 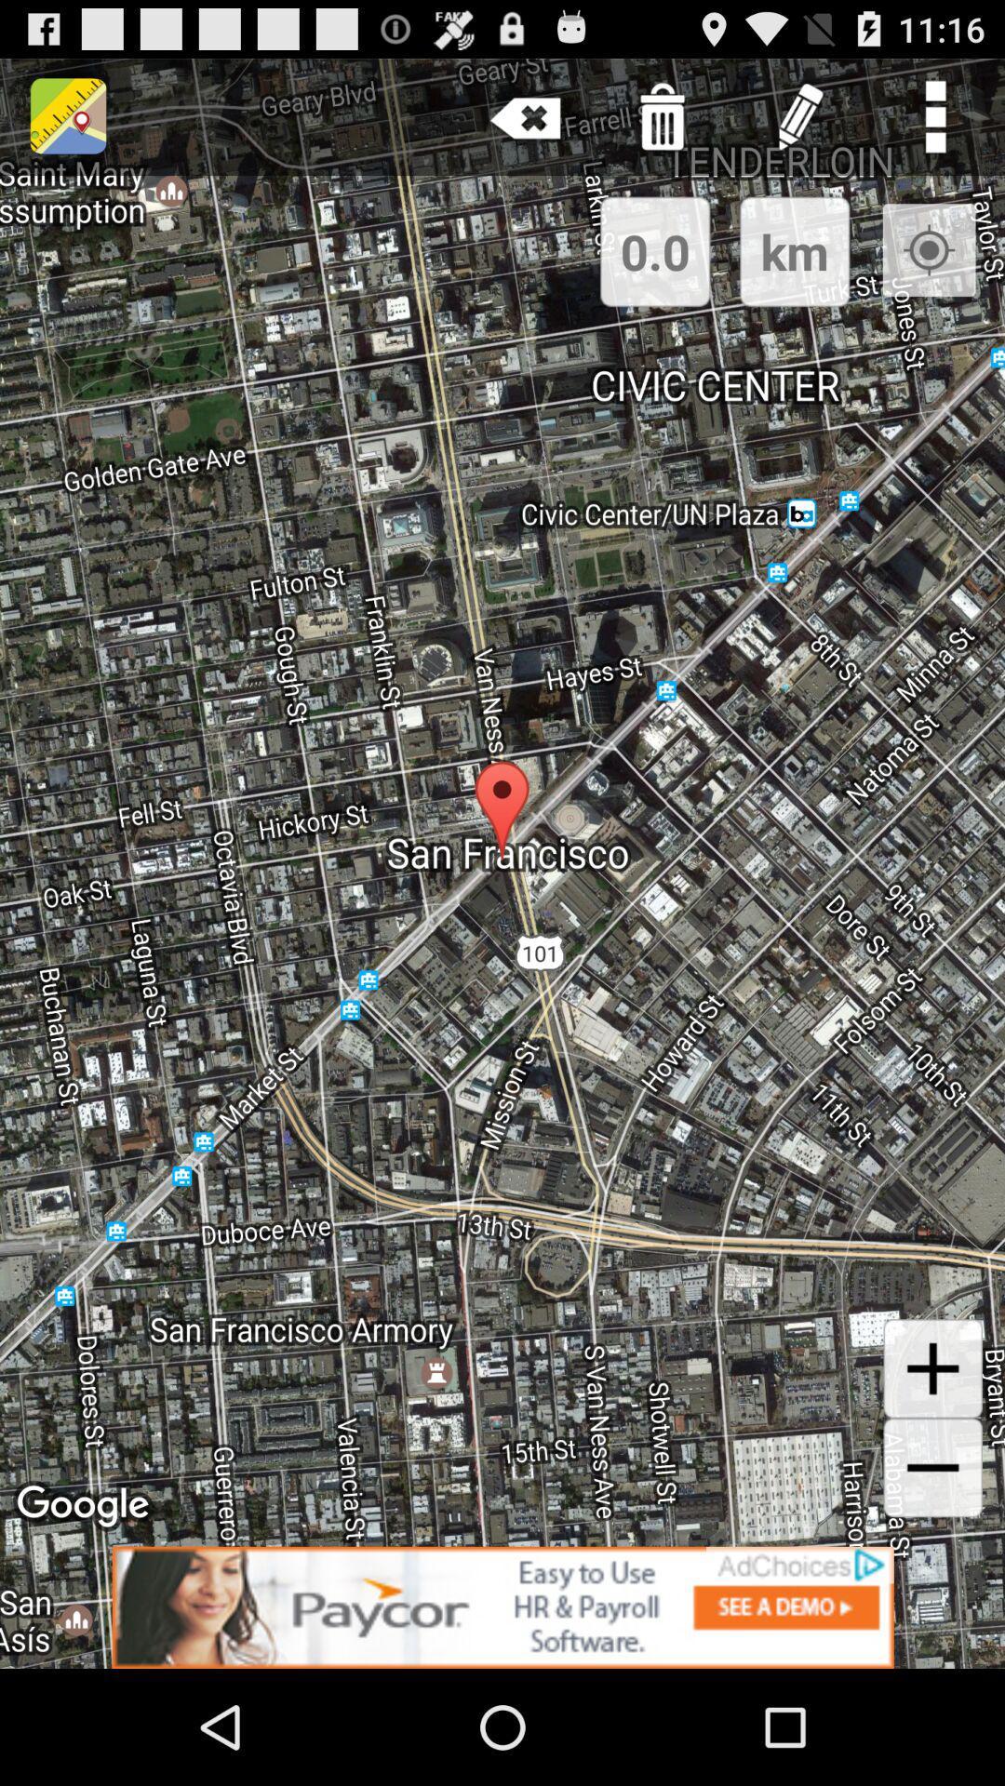 What do you see at coordinates (932, 1569) in the screenshot?
I see `the zoom_out icon` at bounding box center [932, 1569].